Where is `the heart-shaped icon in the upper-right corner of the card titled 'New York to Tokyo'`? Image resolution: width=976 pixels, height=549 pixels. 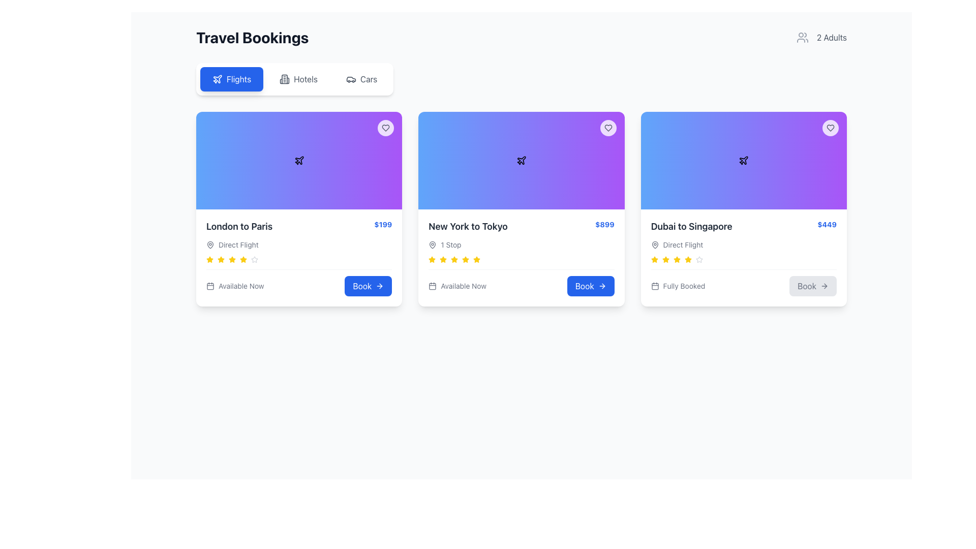 the heart-shaped icon in the upper-right corner of the card titled 'New York to Tokyo' is located at coordinates (608, 127).